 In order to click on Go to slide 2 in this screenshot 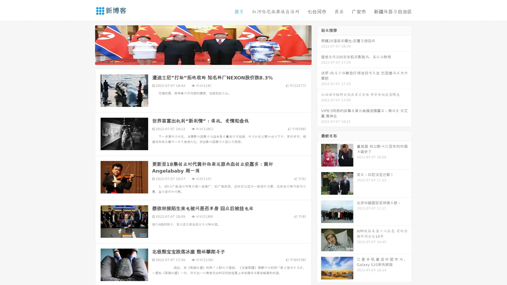, I will do `click(203, 59)`.